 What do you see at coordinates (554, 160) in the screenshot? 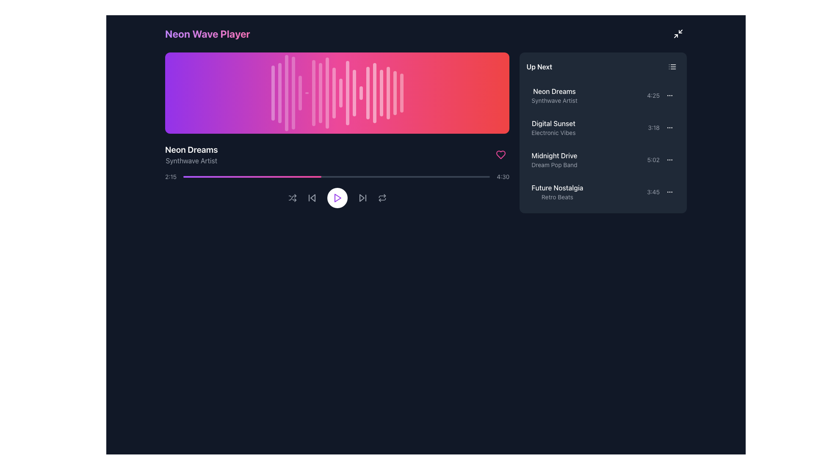
I see `the text block displaying 'Midnight Drive' and 'Dream Pop Band'` at bounding box center [554, 160].